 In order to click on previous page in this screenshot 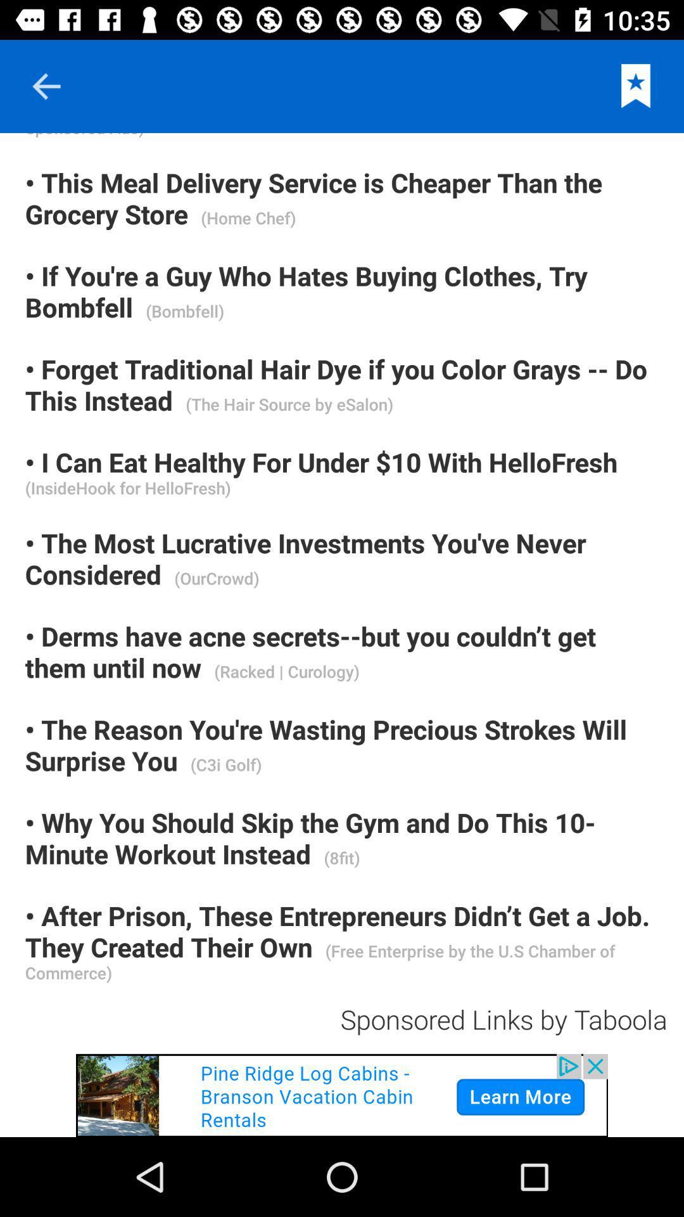, I will do `click(46, 86)`.